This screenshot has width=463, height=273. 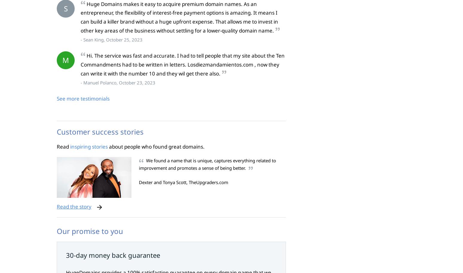 What do you see at coordinates (111, 39) in the screenshot?
I see `'- Sean King, October 25, 2023'` at bounding box center [111, 39].